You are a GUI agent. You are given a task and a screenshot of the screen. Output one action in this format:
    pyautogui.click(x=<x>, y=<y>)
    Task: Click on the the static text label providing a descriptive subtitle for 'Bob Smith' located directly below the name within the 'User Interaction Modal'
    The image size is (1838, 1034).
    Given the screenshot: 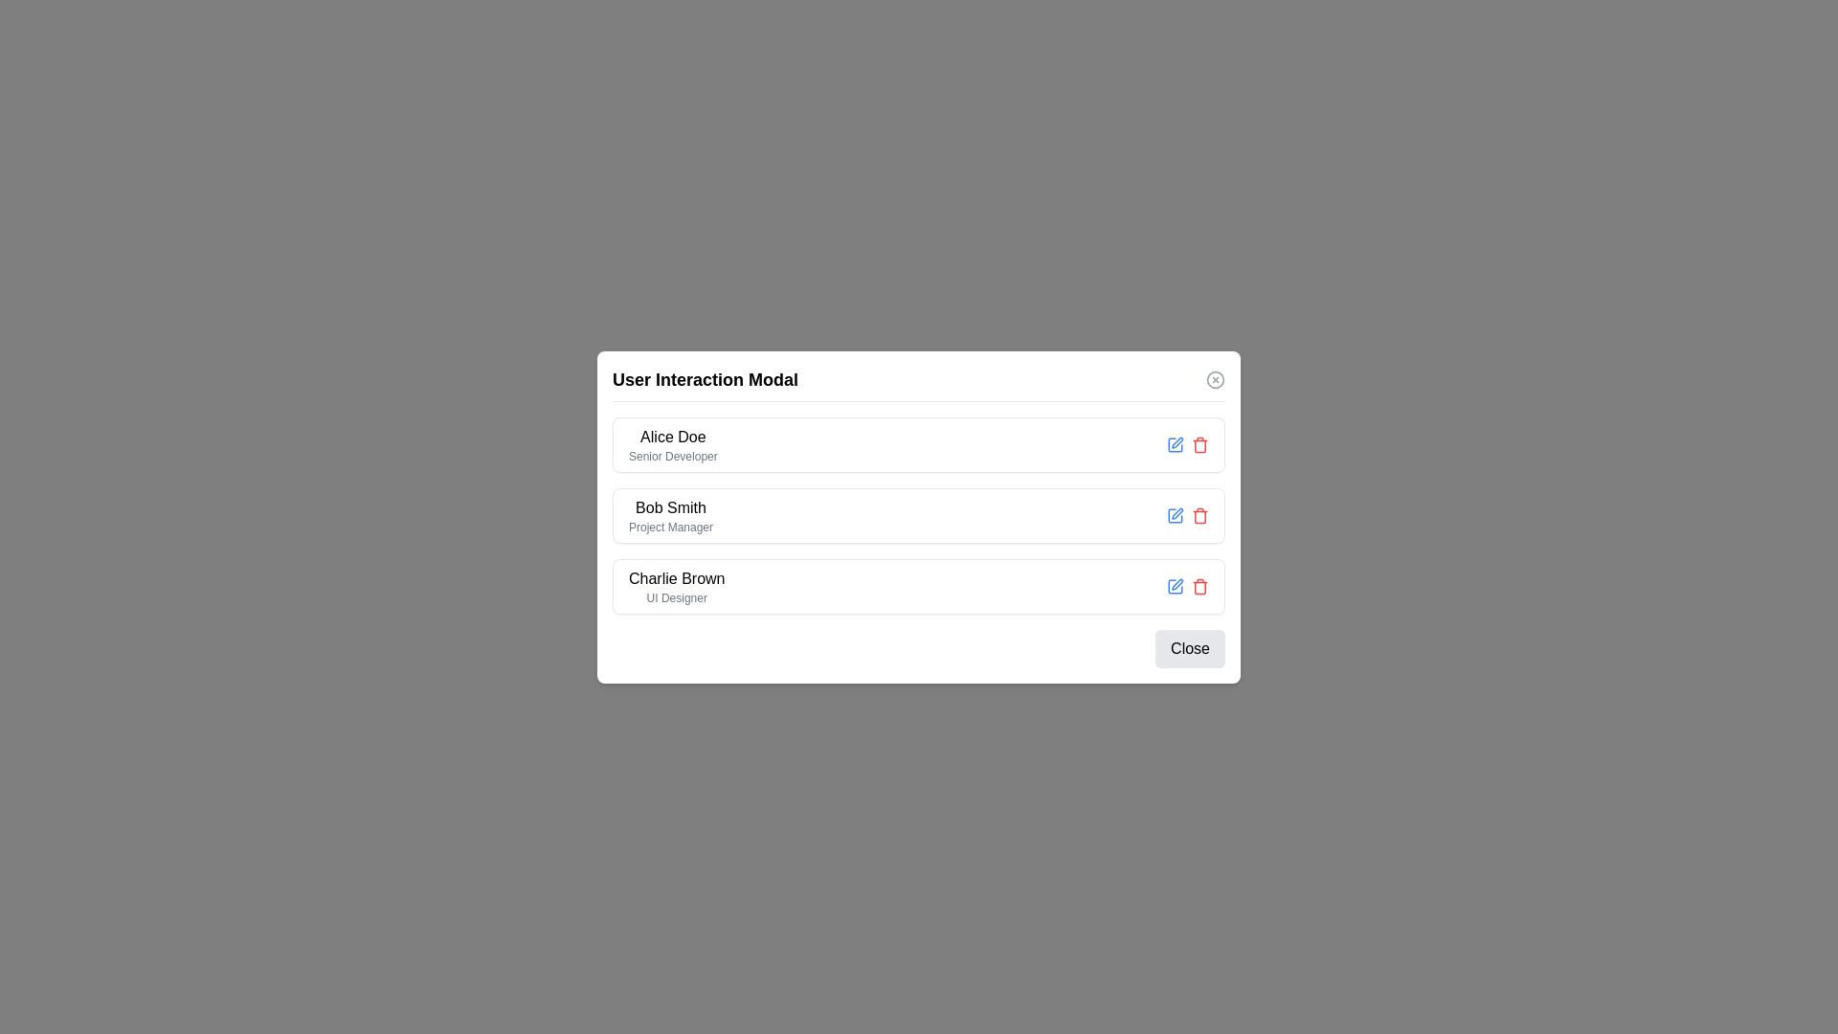 What is the action you would take?
    pyautogui.click(x=670, y=527)
    